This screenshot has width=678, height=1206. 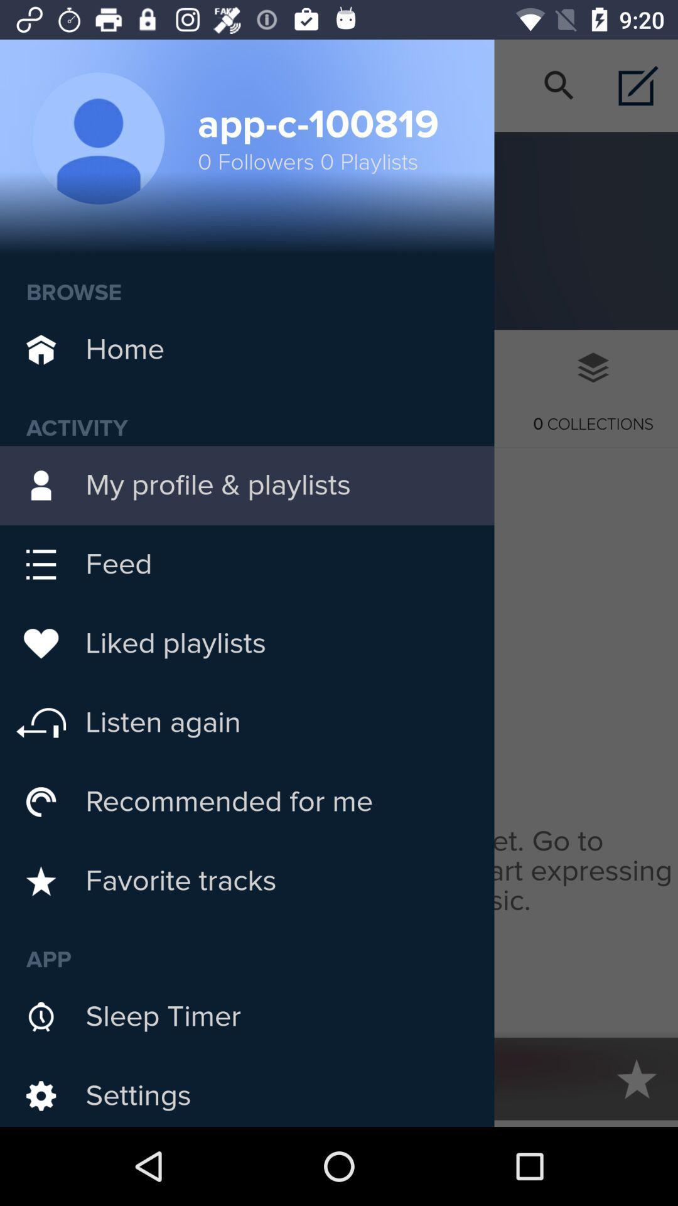 What do you see at coordinates (40, 1078) in the screenshot?
I see `the settings icon` at bounding box center [40, 1078].